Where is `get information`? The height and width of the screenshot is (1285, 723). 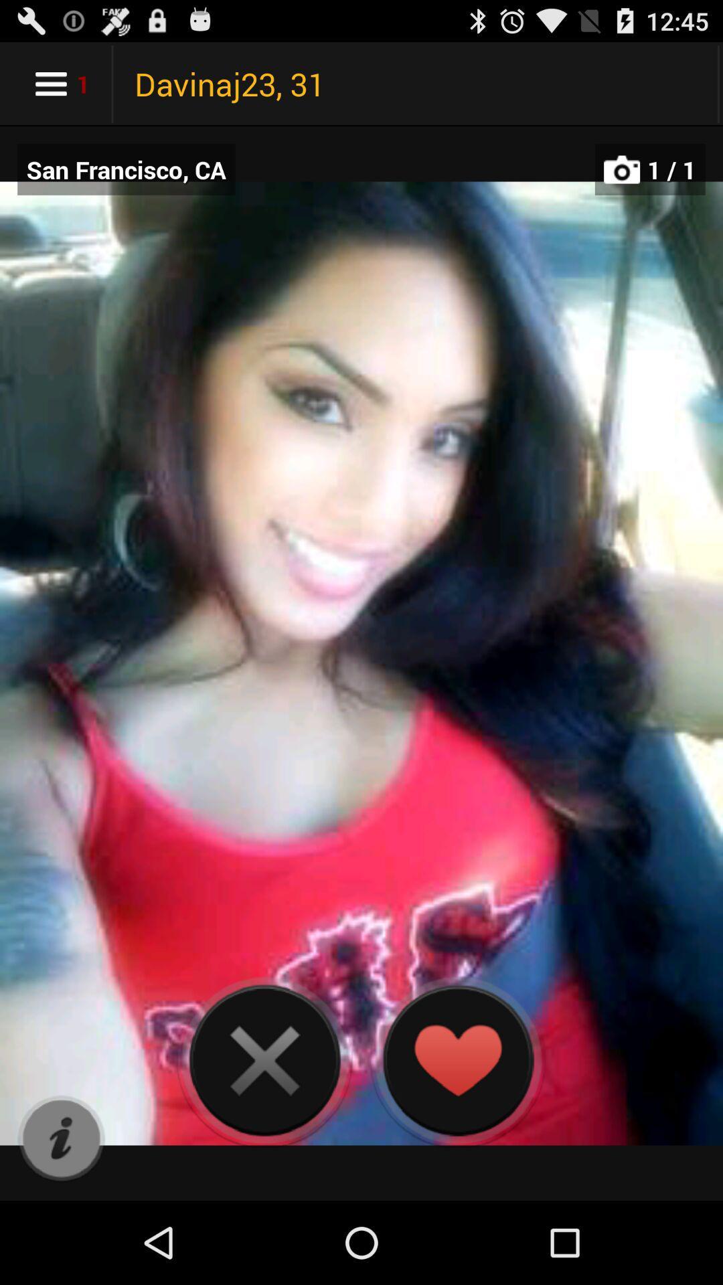
get information is located at coordinates (61, 1138).